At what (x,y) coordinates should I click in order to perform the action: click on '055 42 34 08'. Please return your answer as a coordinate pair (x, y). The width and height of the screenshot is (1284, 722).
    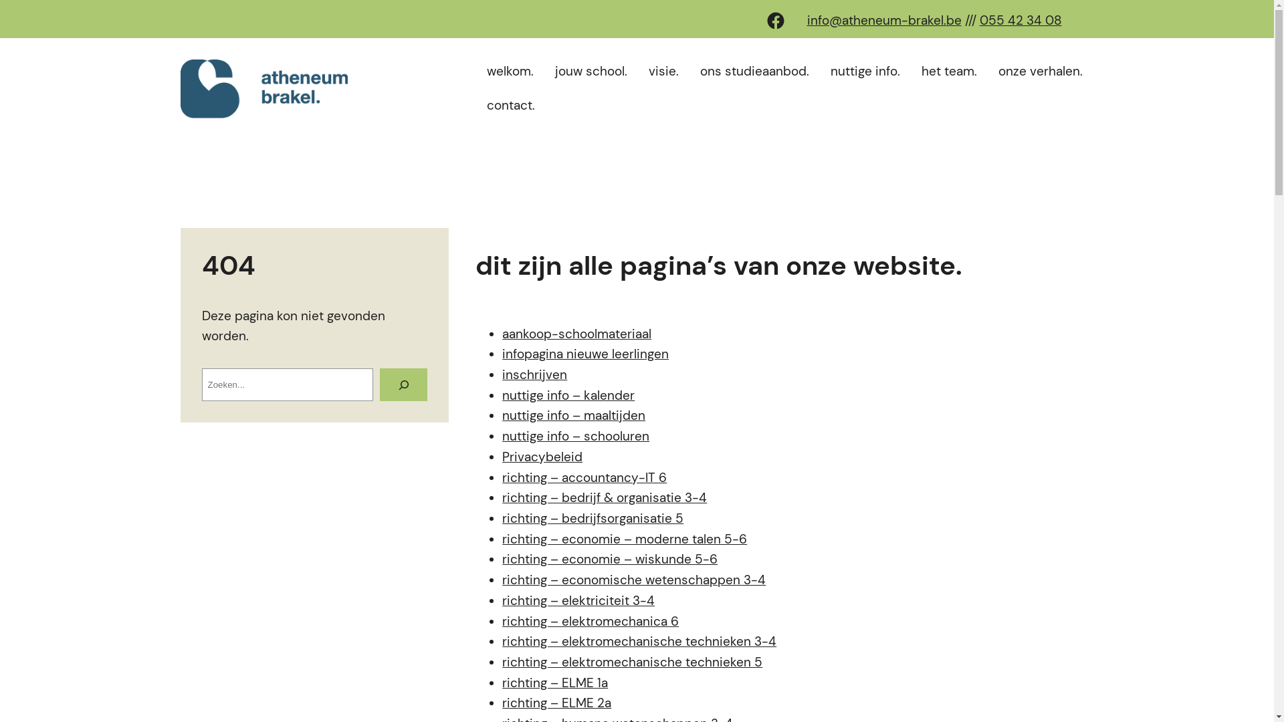
    Looking at the image, I should click on (1019, 20).